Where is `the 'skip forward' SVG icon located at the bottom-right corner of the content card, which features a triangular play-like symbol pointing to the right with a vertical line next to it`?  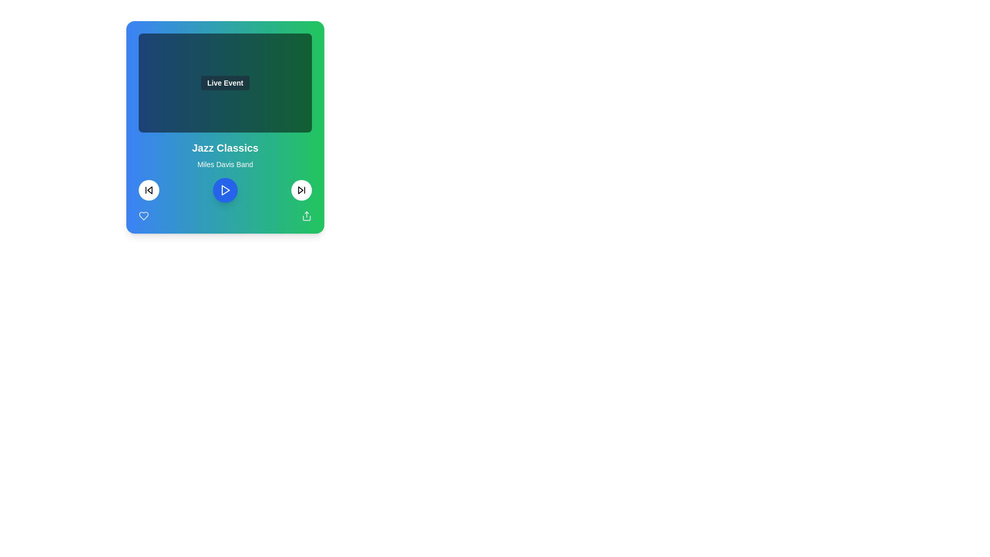 the 'skip forward' SVG icon located at the bottom-right corner of the content card, which features a triangular play-like symbol pointing to the right with a vertical line next to it is located at coordinates (301, 190).